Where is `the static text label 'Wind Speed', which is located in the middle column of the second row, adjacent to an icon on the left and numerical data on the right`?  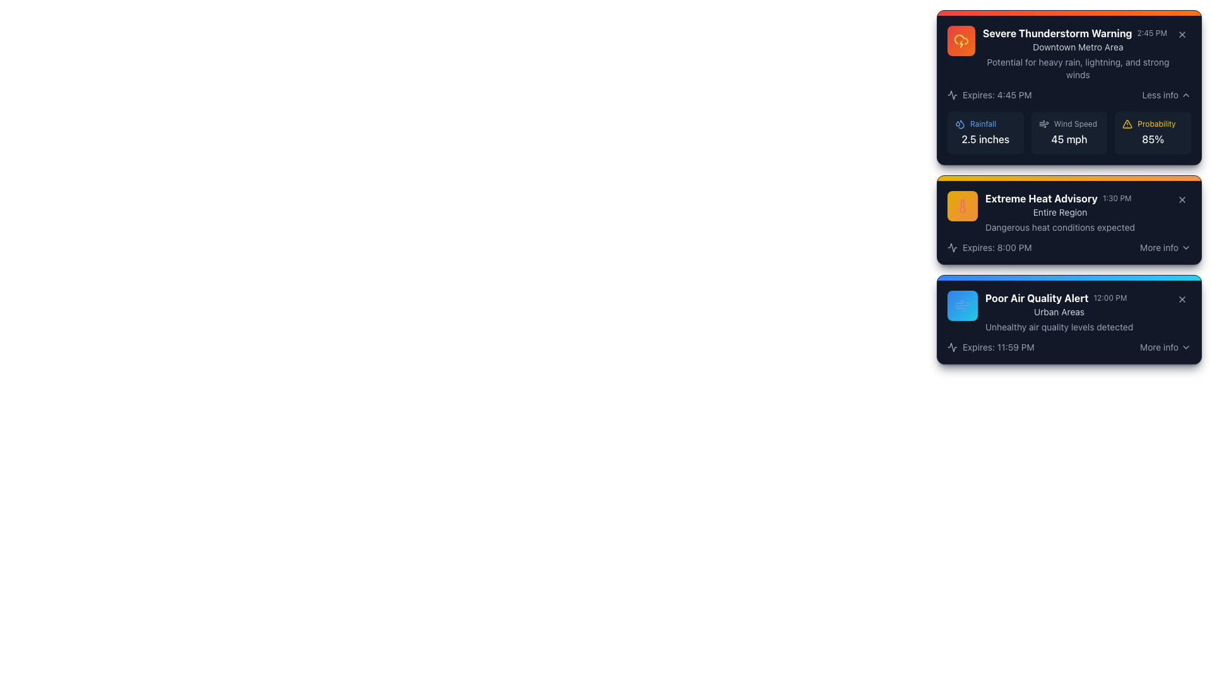
the static text label 'Wind Speed', which is located in the middle column of the second row, adjacent to an icon on the left and numerical data on the right is located at coordinates (1074, 124).